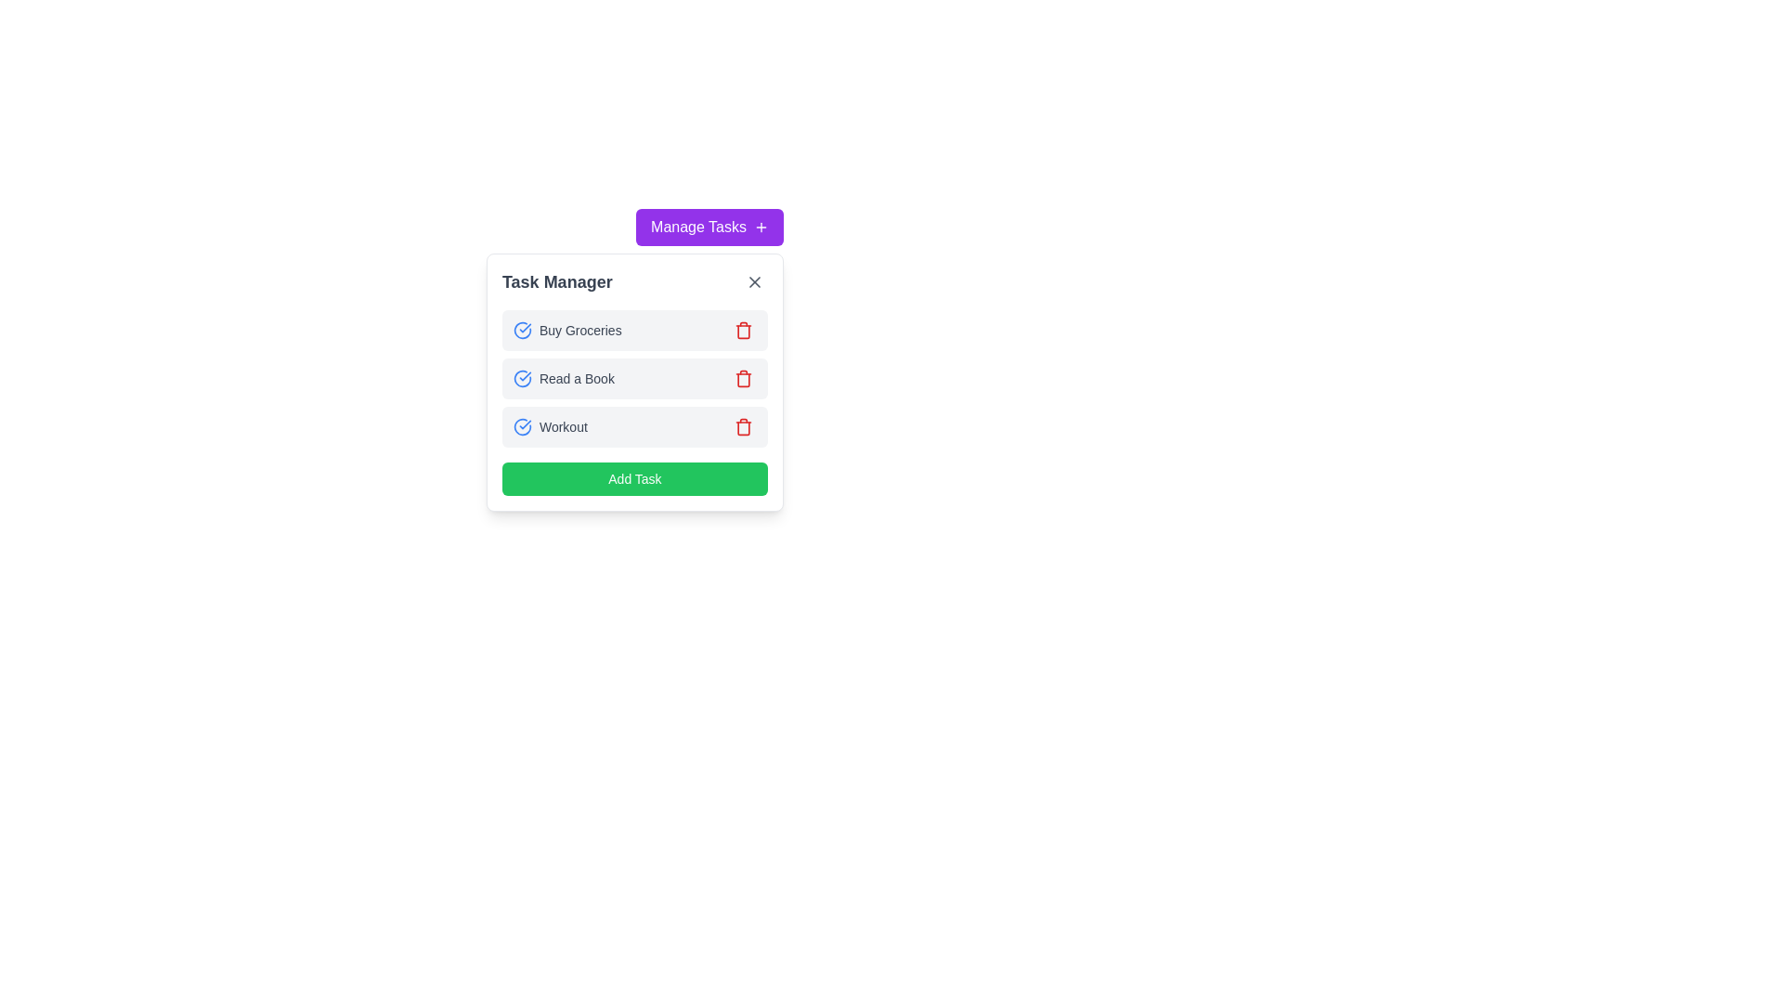 The image size is (1783, 1003). Describe the element at coordinates (556, 282) in the screenshot. I see `the 'Task Manager' text element, which is bold, gray, and centrally aligned at the top of its card-like section` at that location.